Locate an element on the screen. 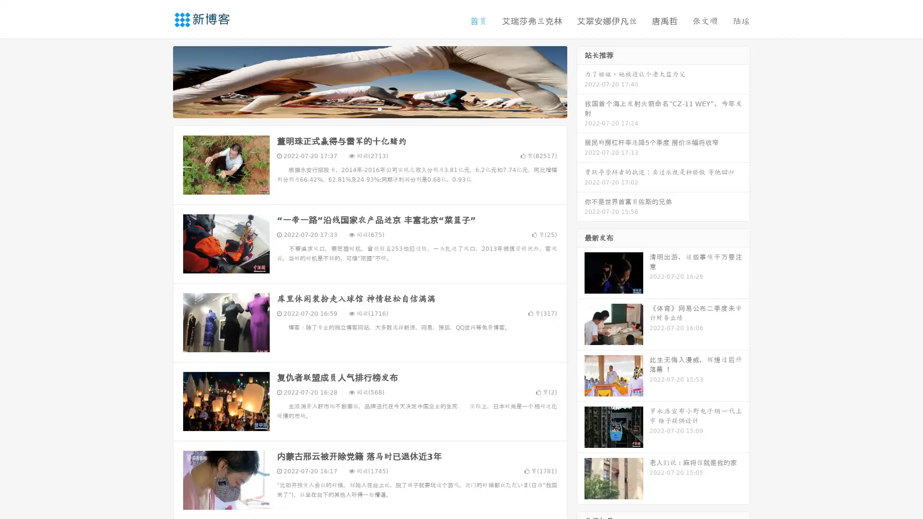  Go to slide 1 is located at coordinates (360, 108).